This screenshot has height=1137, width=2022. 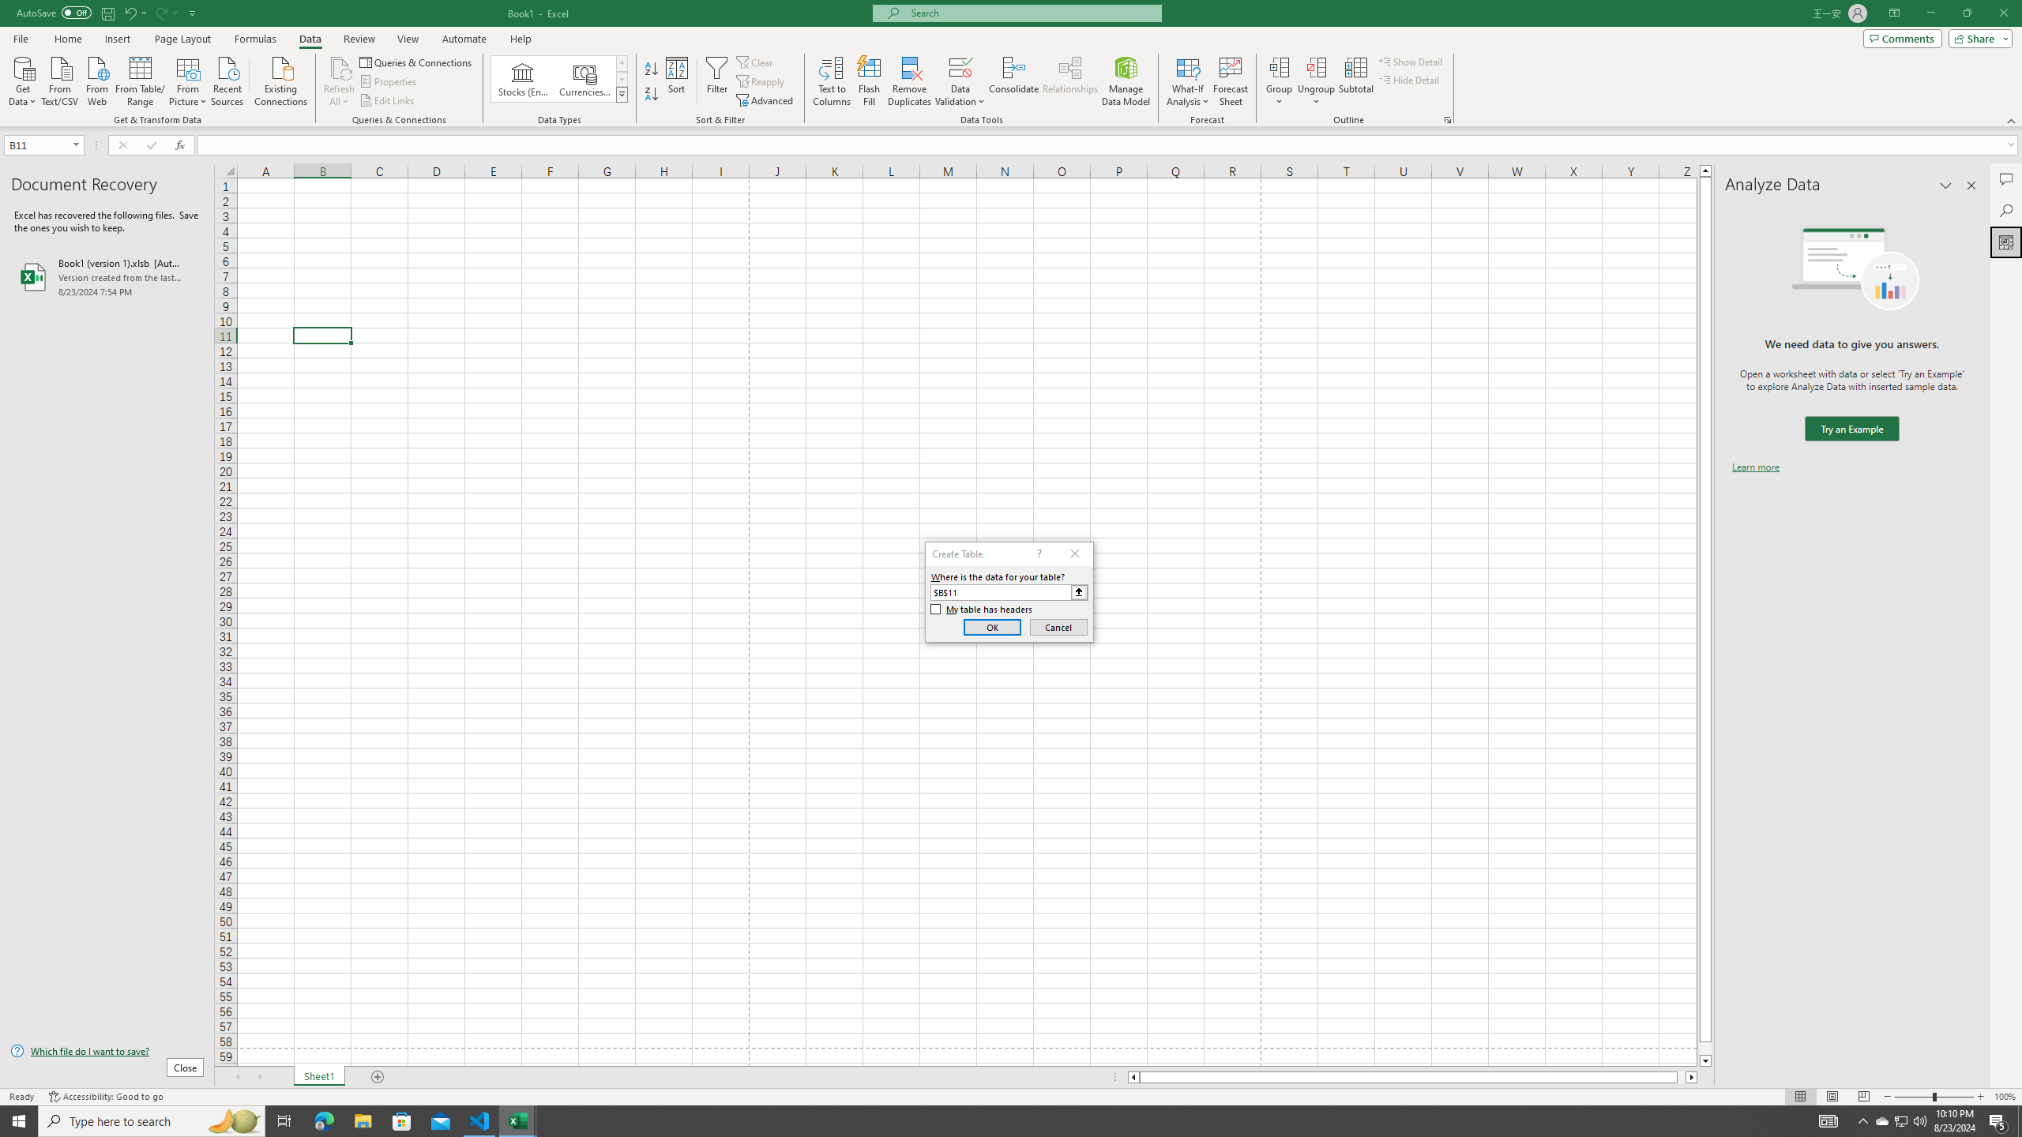 What do you see at coordinates (831, 81) in the screenshot?
I see `'Text to Columns...'` at bounding box center [831, 81].